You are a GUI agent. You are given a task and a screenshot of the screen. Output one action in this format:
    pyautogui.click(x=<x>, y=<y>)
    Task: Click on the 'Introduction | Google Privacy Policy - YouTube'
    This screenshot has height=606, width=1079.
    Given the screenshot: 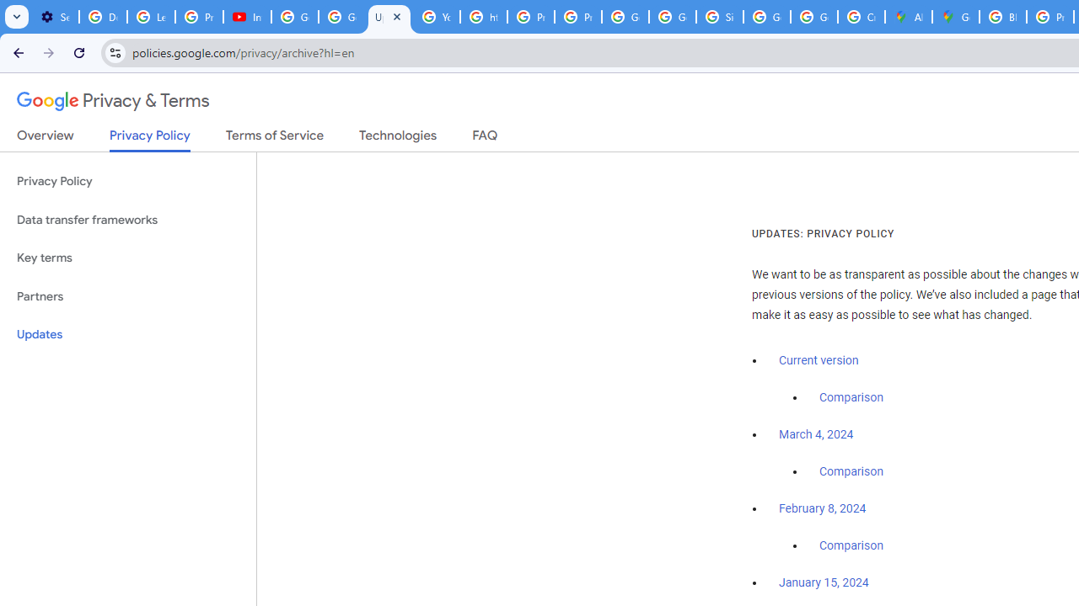 What is the action you would take?
    pyautogui.click(x=246, y=17)
    